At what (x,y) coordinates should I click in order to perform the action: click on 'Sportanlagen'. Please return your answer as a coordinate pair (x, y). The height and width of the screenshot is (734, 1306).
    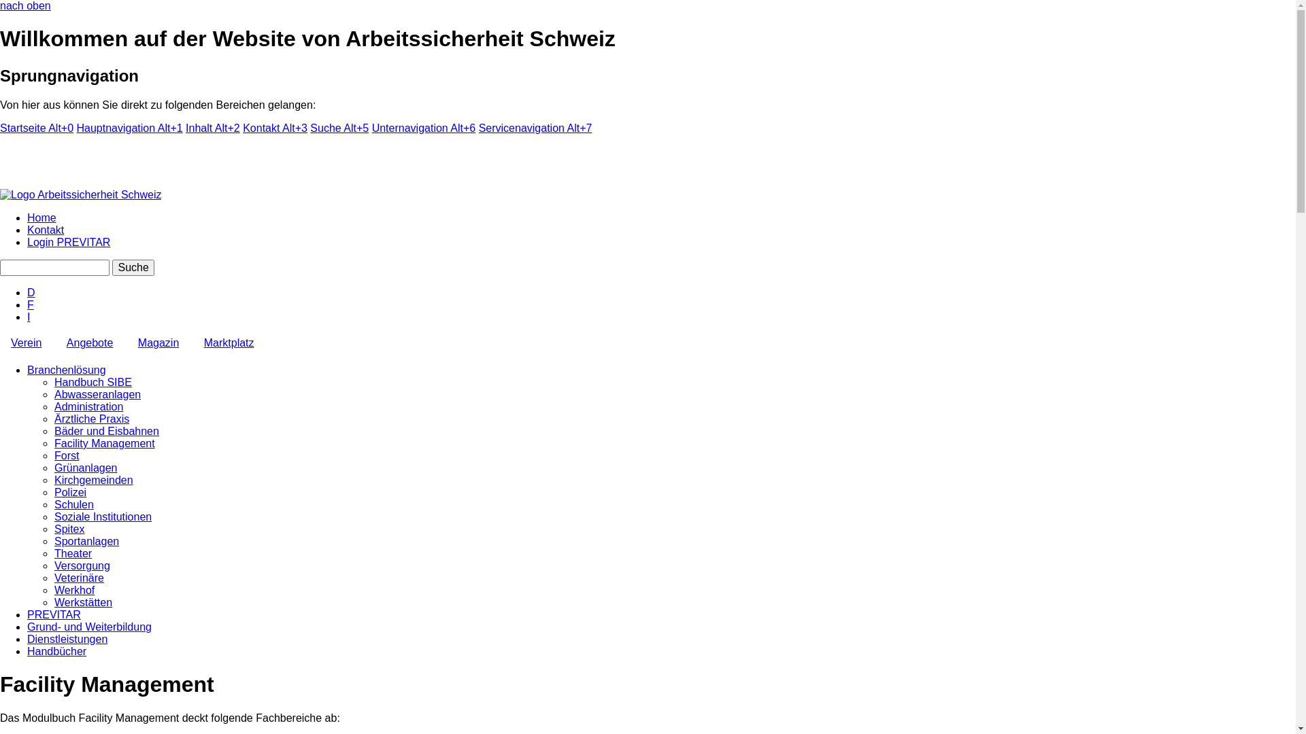
    Looking at the image, I should click on (54, 540).